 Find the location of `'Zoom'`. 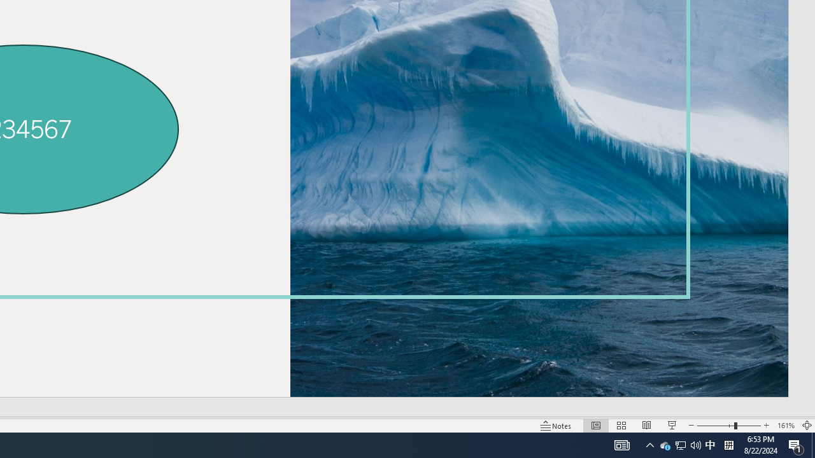

'Zoom' is located at coordinates (728, 426).